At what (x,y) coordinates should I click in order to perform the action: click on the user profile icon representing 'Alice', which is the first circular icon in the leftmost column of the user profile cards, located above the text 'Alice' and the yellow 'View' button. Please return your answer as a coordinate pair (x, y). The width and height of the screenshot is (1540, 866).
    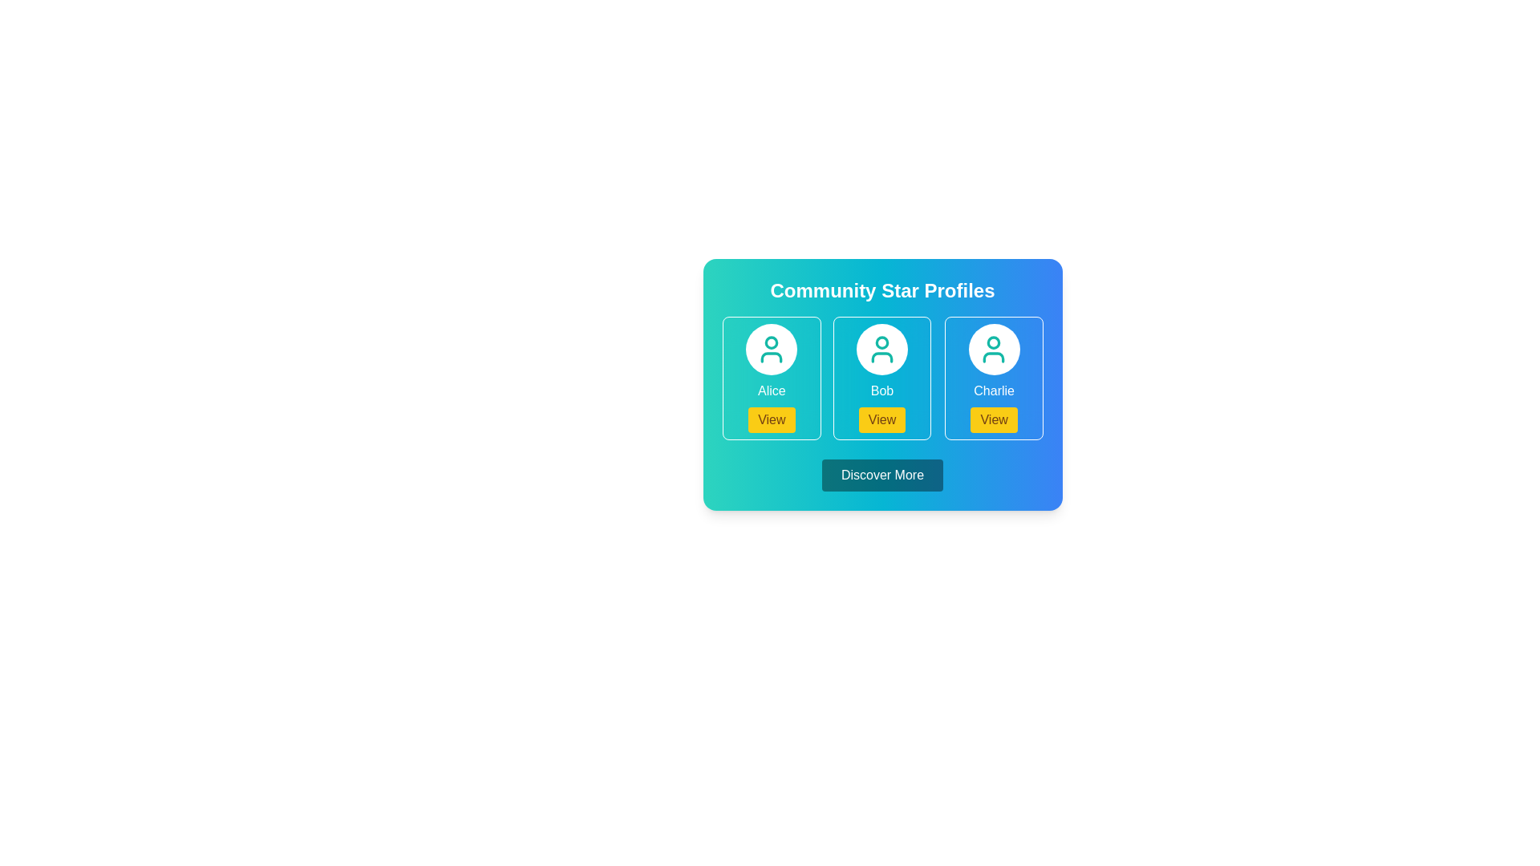
    Looking at the image, I should click on (771, 348).